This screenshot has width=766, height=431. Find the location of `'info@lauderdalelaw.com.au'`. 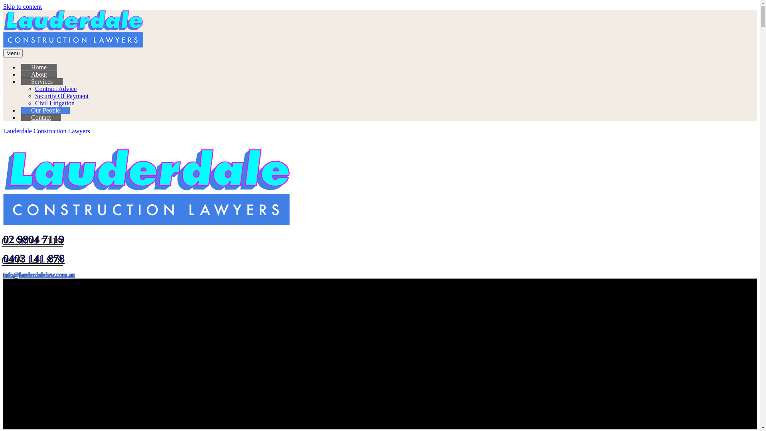

'info@lauderdalelaw.com.au' is located at coordinates (38, 274).